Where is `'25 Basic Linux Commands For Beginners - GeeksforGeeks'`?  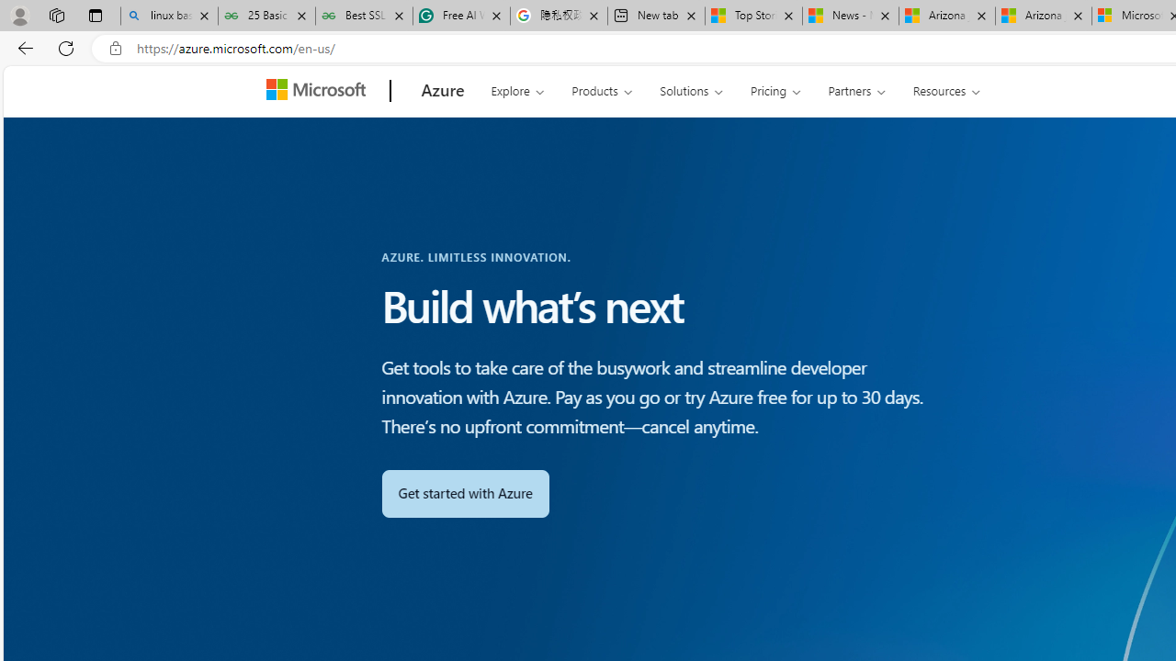 '25 Basic Linux Commands For Beginners - GeeksforGeeks' is located at coordinates (266, 16).